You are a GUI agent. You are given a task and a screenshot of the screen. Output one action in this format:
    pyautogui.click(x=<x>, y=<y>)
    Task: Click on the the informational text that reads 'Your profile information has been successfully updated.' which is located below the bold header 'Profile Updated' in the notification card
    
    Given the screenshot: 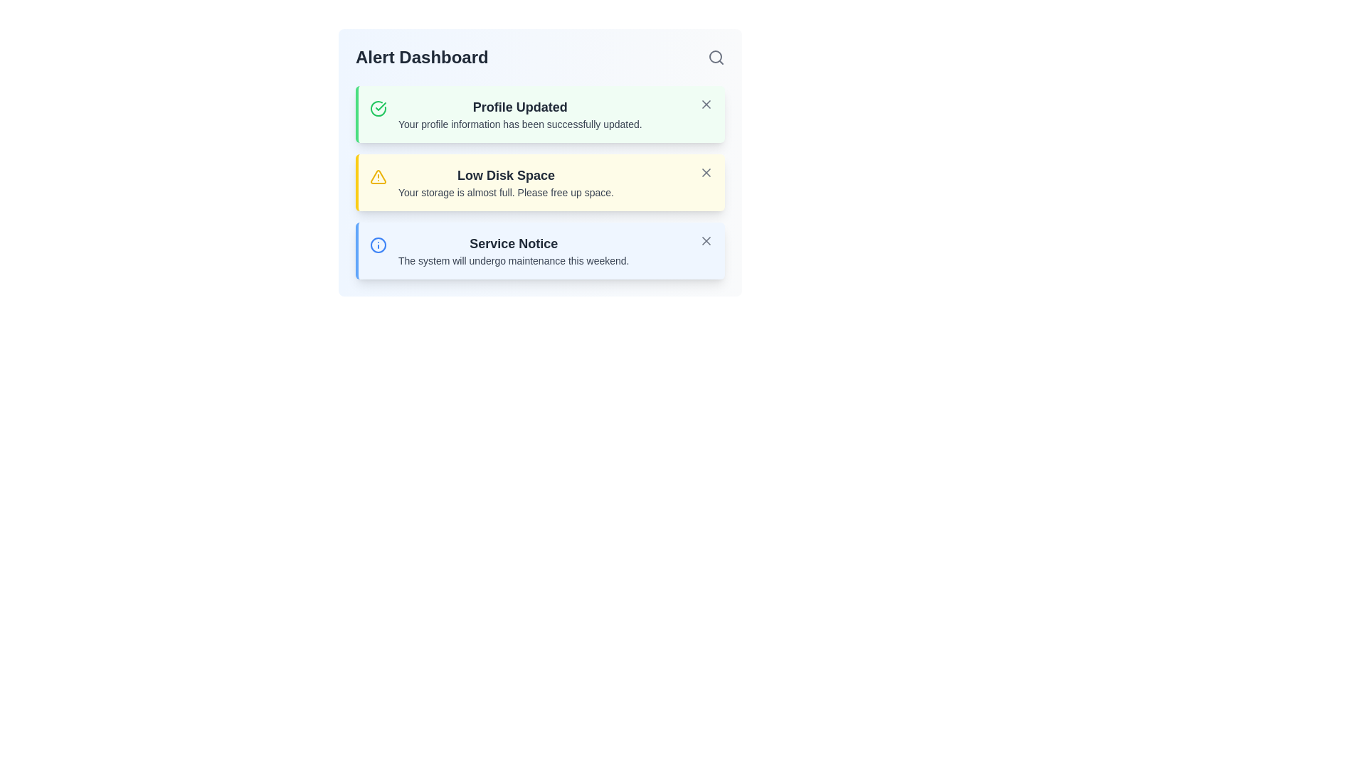 What is the action you would take?
    pyautogui.click(x=519, y=123)
    